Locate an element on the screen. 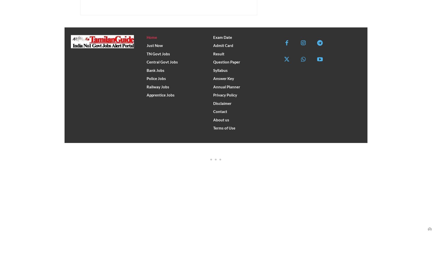 This screenshot has height=258, width=432. 'Central Govt Jobs' is located at coordinates (162, 62).